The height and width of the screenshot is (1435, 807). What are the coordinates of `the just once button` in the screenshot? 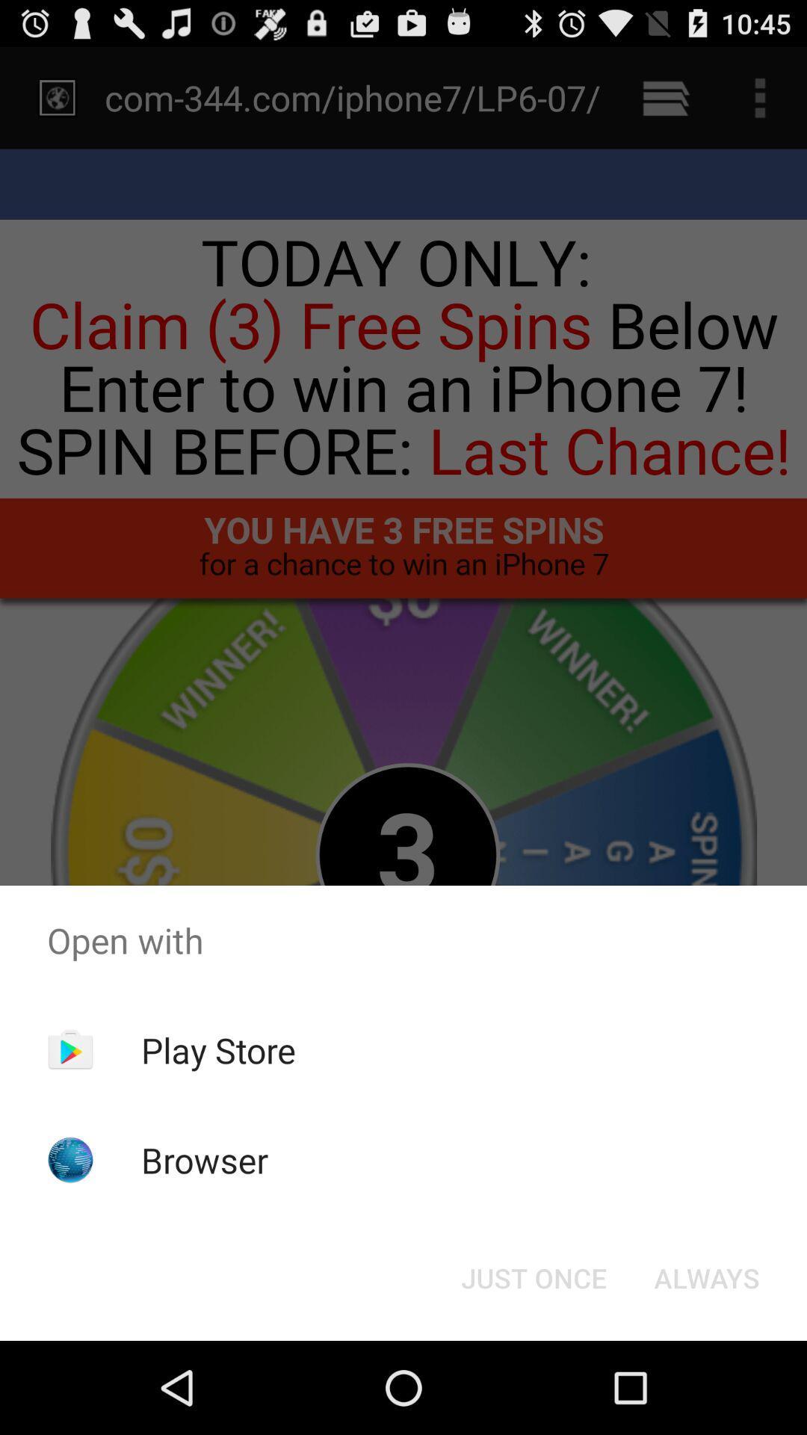 It's located at (533, 1277).